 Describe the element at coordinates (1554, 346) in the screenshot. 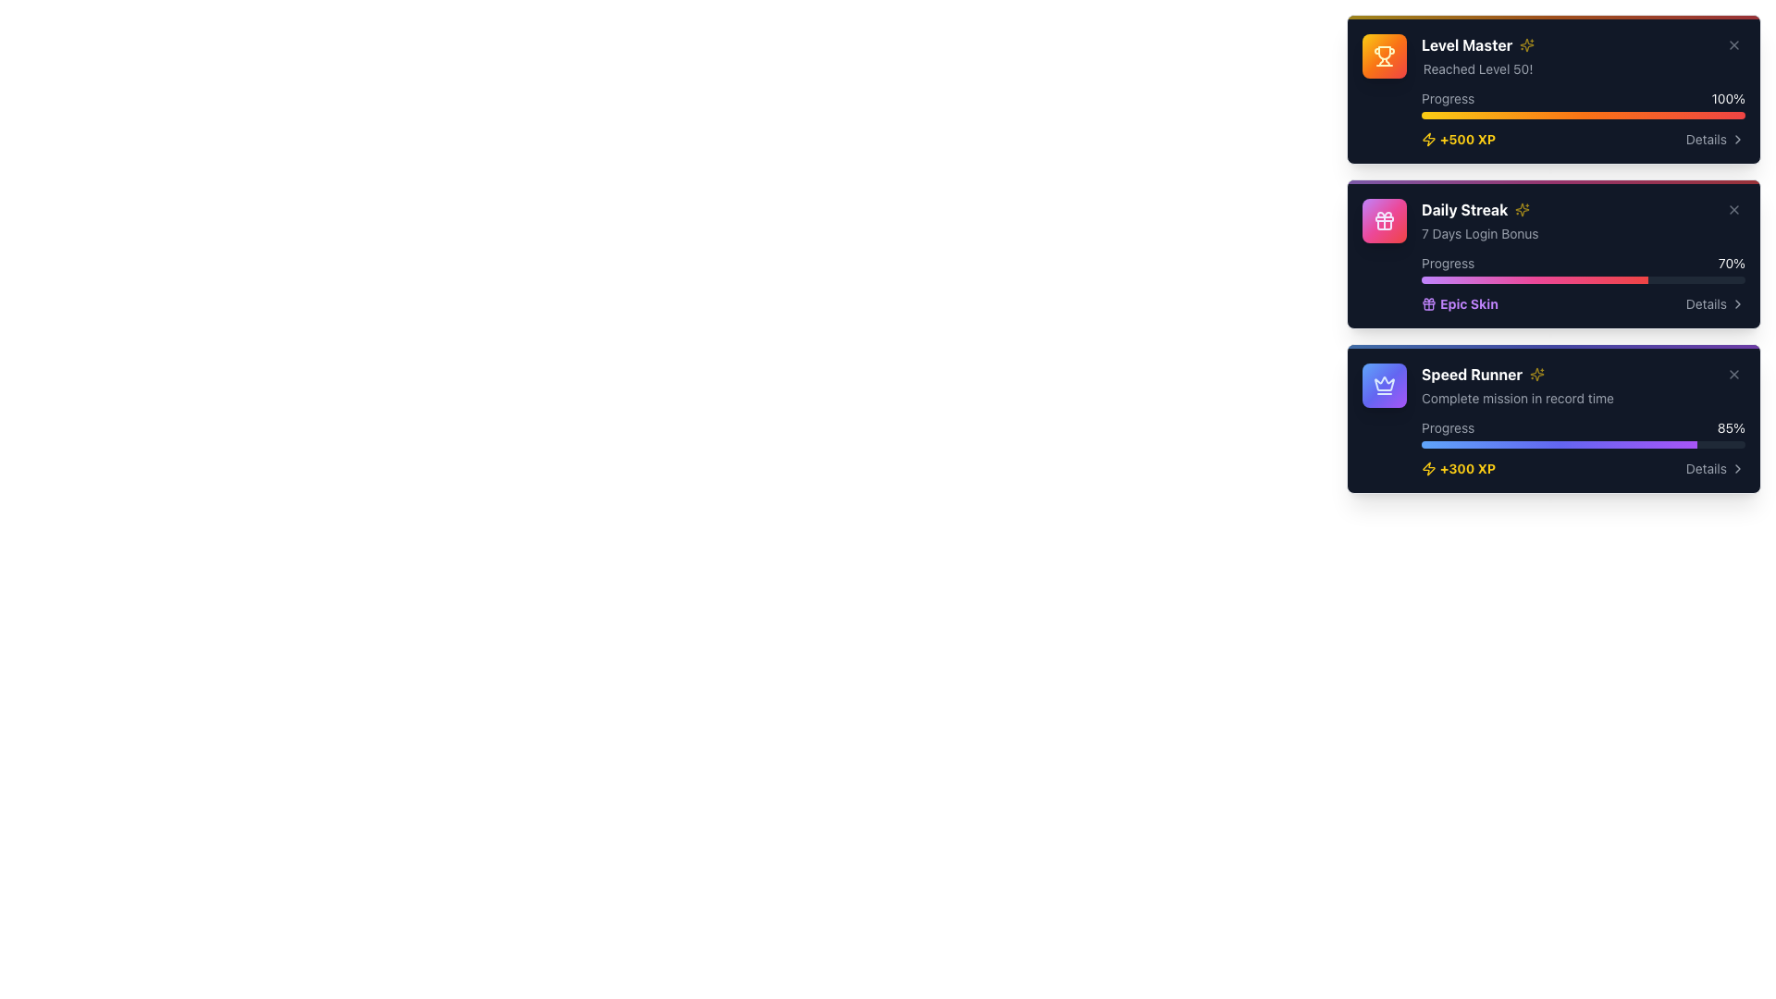

I see `the thin horizontal Separator bar with a gradient background located at the top of the 'Speed Runner' card` at that location.